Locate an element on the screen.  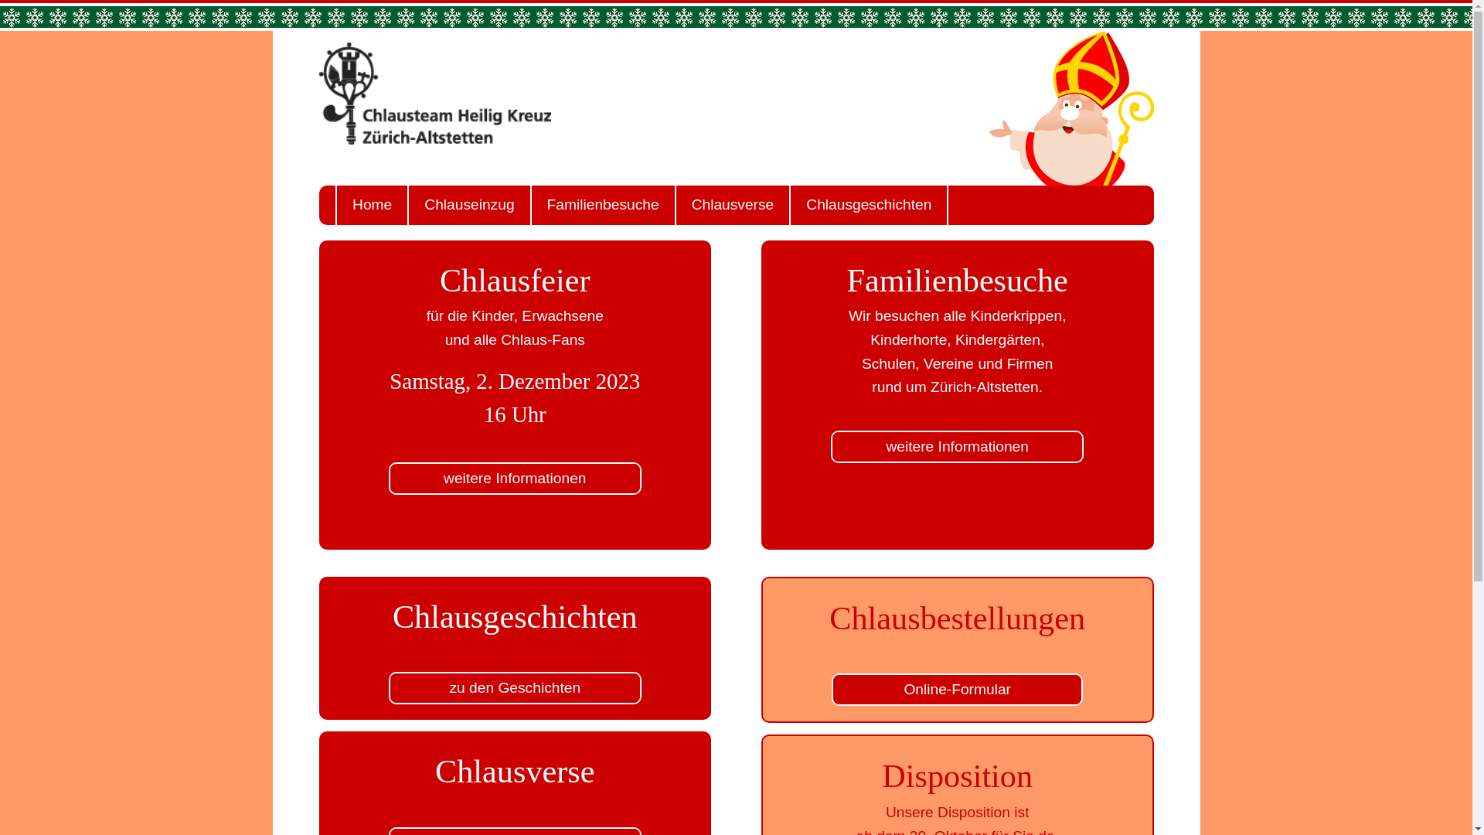
'Chlausverse' is located at coordinates (731, 204).